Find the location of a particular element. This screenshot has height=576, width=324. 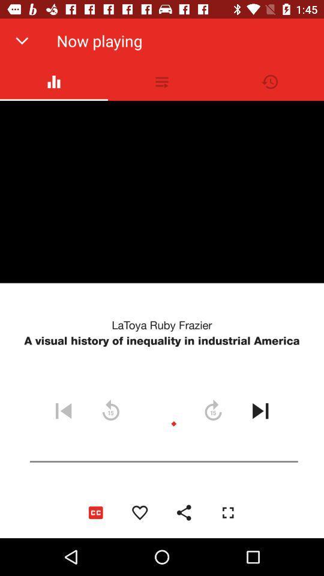

the share icon is located at coordinates (184, 512).